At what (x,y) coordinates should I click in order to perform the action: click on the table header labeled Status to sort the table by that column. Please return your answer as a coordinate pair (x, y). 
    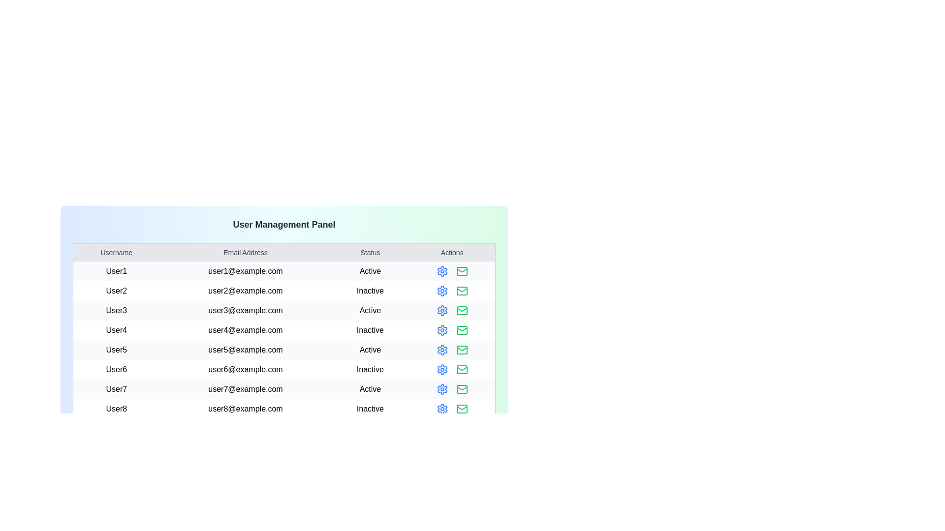
    Looking at the image, I should click on (370, 252).